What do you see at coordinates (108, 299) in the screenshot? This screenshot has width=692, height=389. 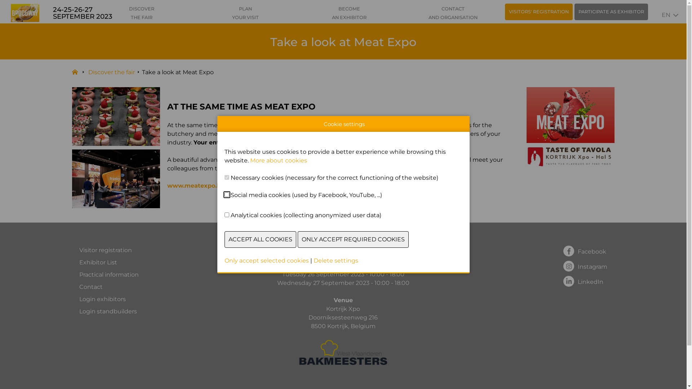 I see `'Login exhibitors'` at bounding box center [108, 299].